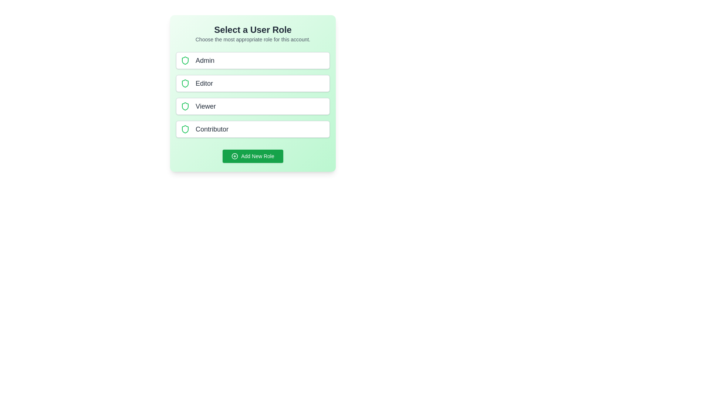  I want to click on the role Contributor to select it, so click(253, 129).